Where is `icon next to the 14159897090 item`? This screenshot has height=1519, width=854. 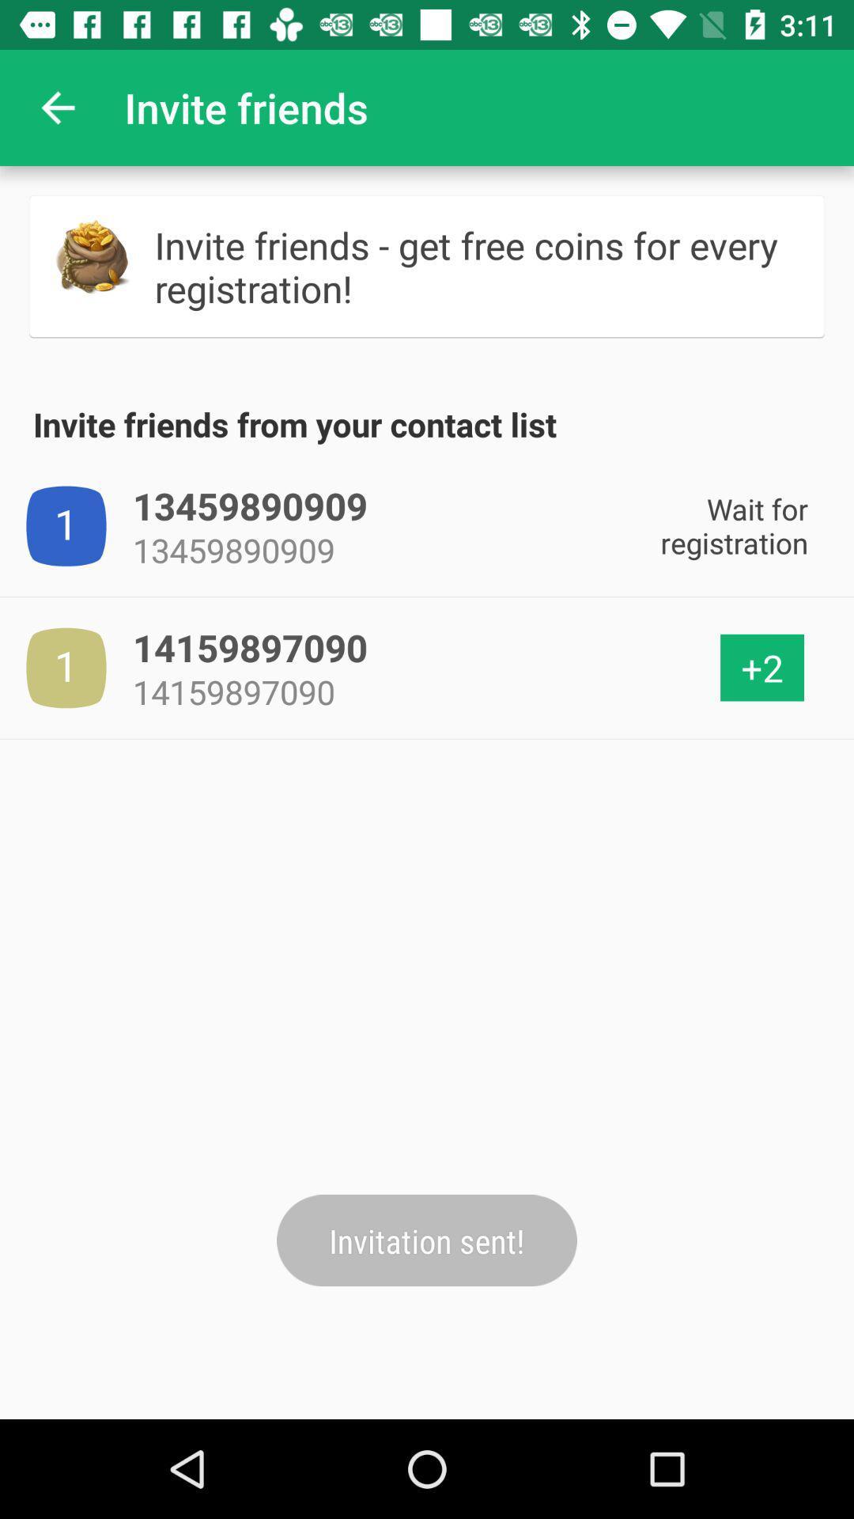
icon next to the 14159897090 item is located at coordinates (761, 668).